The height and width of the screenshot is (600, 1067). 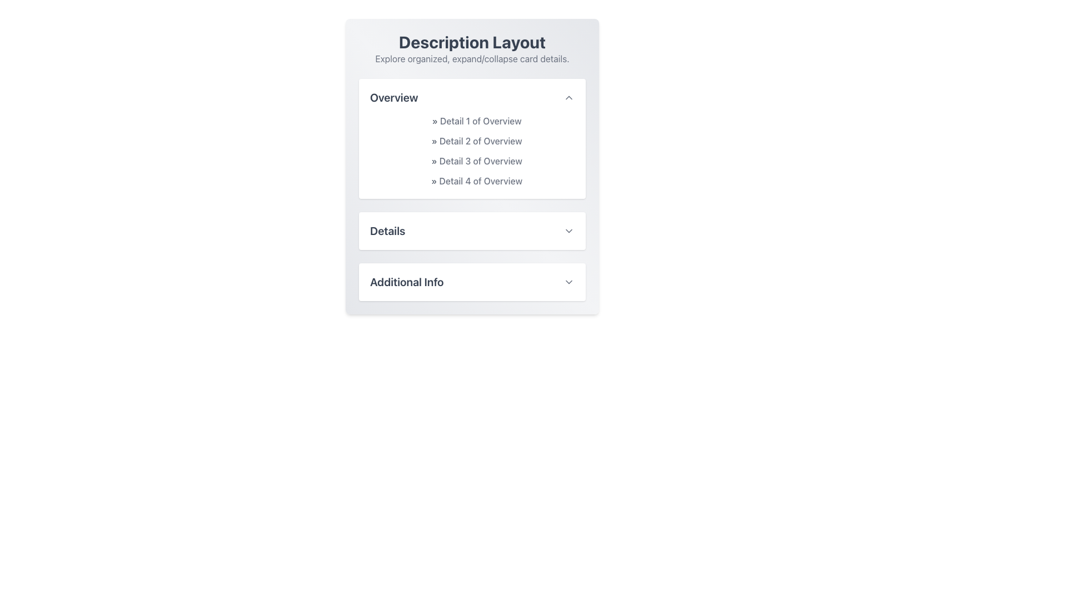 What do you see at coordinates (472, 121) in the screenshot?
I see `the text label or heading that reads '» Detail 1 of Overview', styled in gray with a leading chevron symbol, located at the top-left of the 'Overview' section` at bounding box center [472, 121].